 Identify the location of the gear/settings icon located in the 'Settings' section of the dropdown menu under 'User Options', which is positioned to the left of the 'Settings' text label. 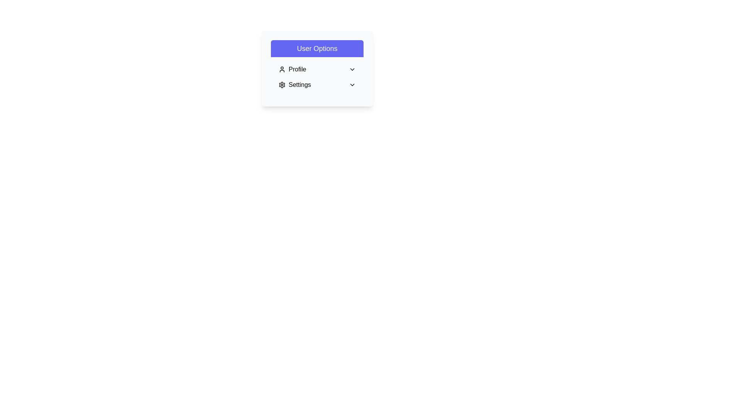
(281, 85).